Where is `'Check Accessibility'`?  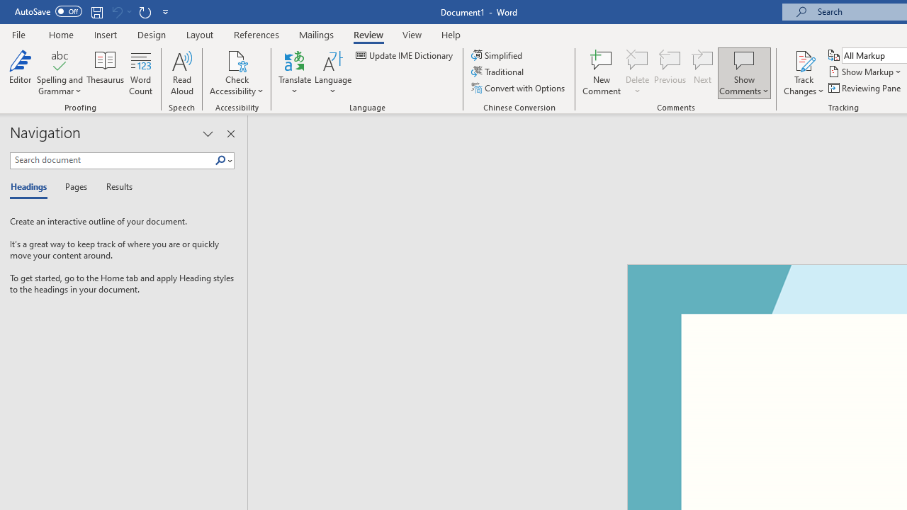 'Check Accessibility' is located at coordinates (237, 73).